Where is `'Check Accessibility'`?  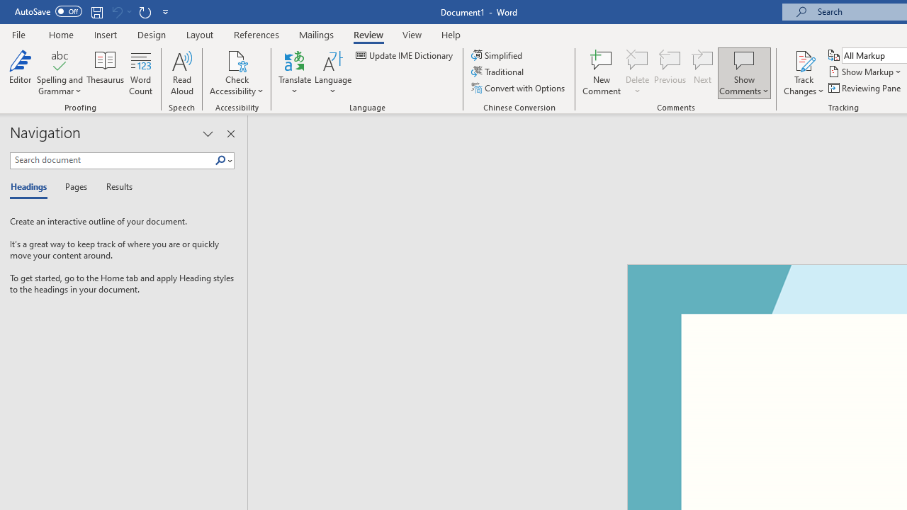 'Check Accessibility' is located at coordinates (237, 73).